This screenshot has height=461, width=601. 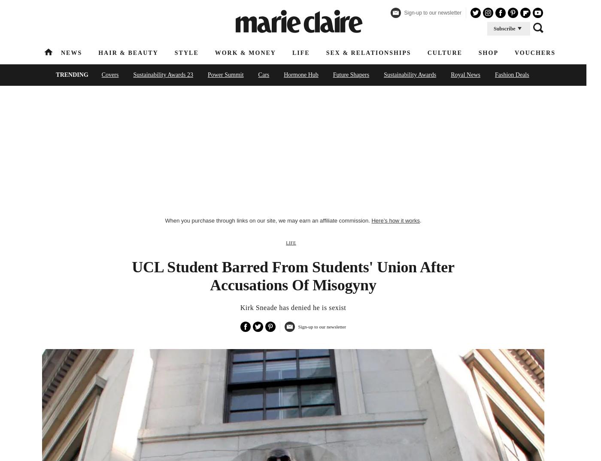 What do you see at coordinates (186, 52) in the screenshot?
I see `'Style'` at bounding box center [186, 52].